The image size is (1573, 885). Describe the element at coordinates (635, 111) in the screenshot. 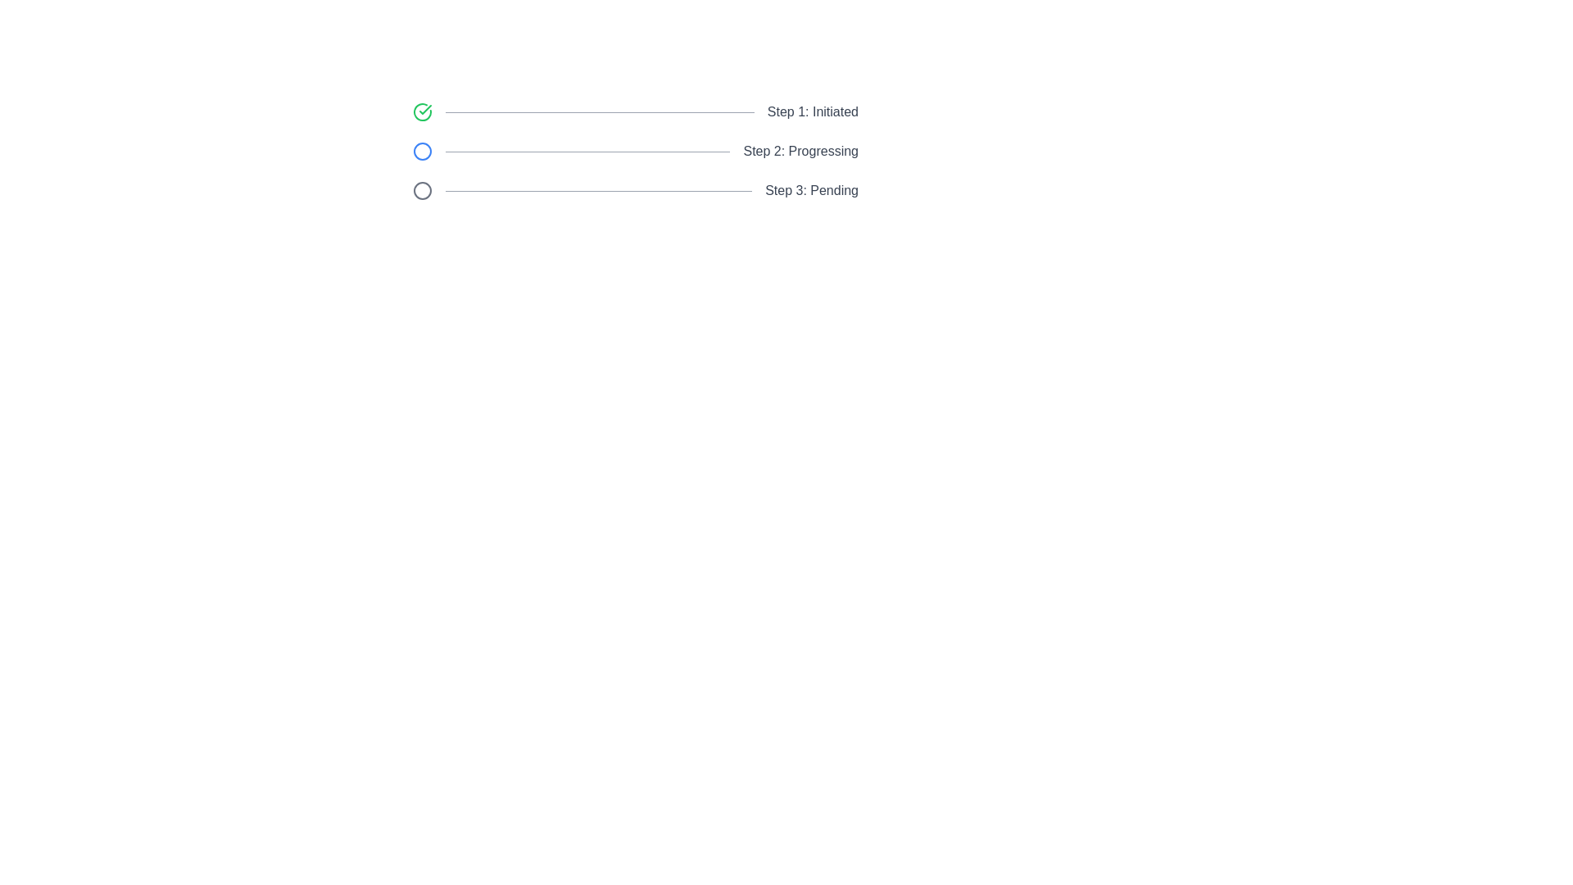

I see `status label of the Step Indicator displaying 'Step 1: Initiated' with a green check mark icon on the left` at that location.